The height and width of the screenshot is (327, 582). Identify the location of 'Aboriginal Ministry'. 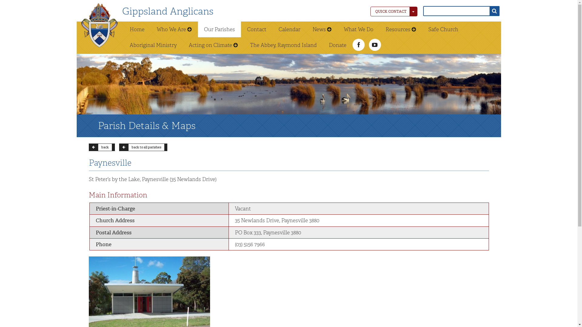
(153, 45).